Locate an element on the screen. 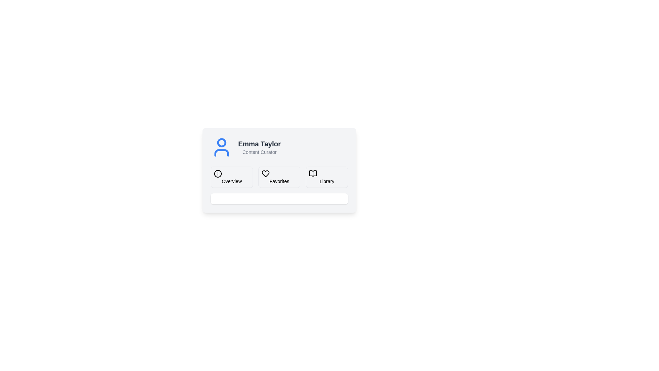  the central decorative SVG circle within the 'Overview' button, located on the leftmost part of a horizontal row of three buttons is located at coordinates (217, 173).